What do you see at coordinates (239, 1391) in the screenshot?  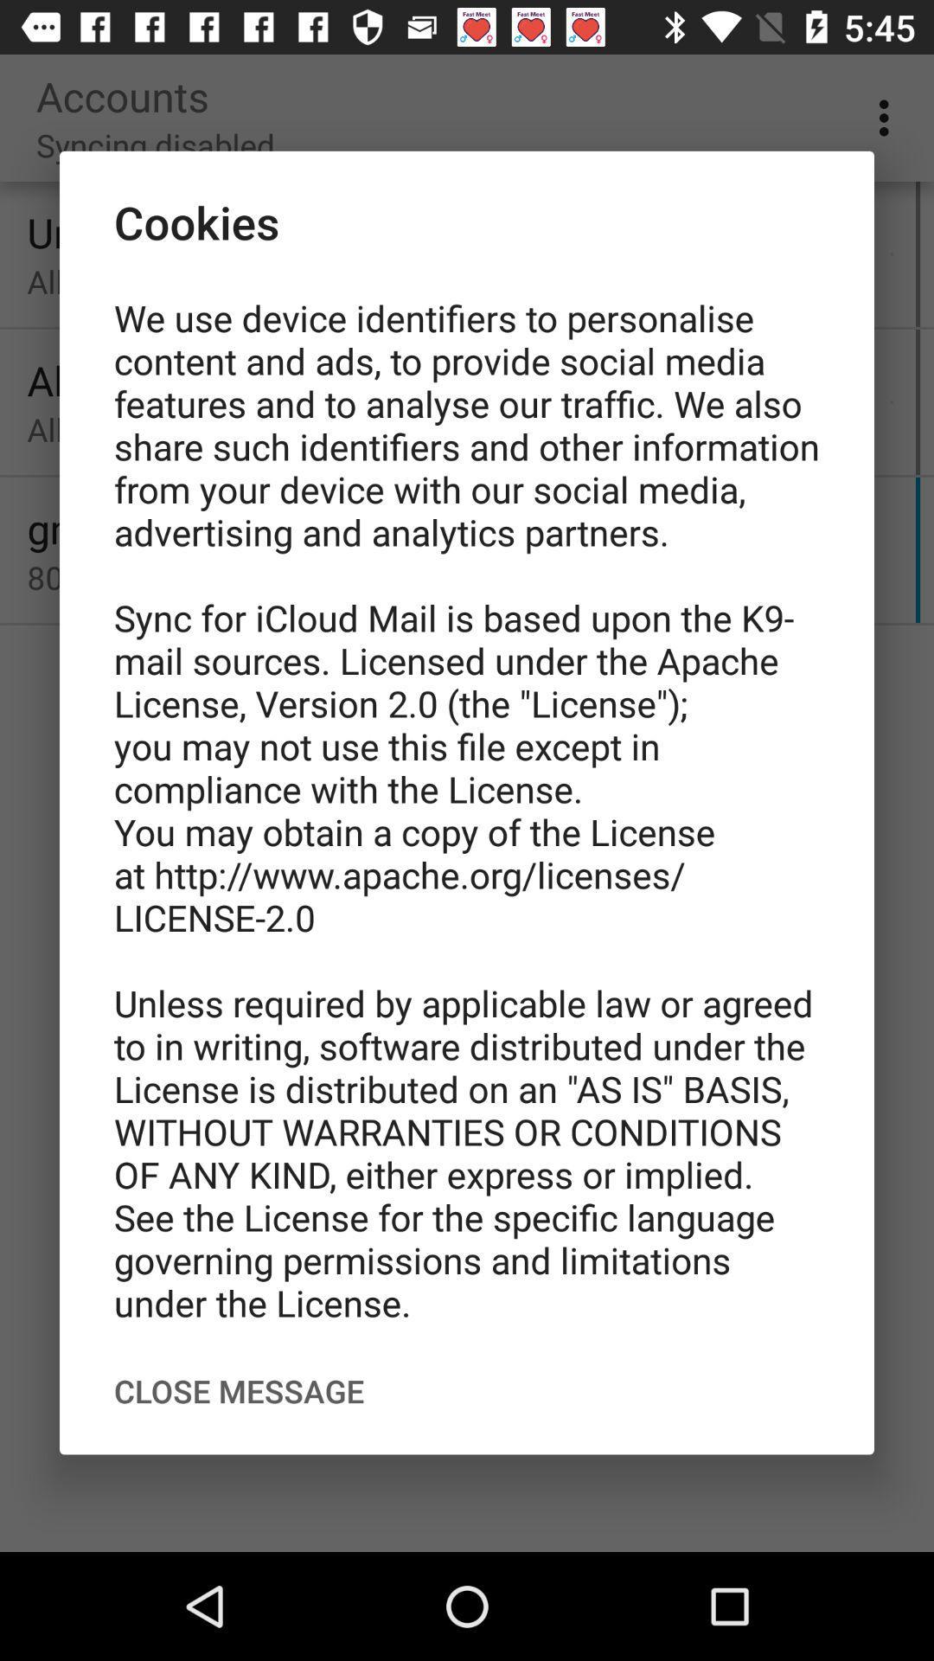 I see `close message at the bottom left corner` at bounding box center [239, 1391].